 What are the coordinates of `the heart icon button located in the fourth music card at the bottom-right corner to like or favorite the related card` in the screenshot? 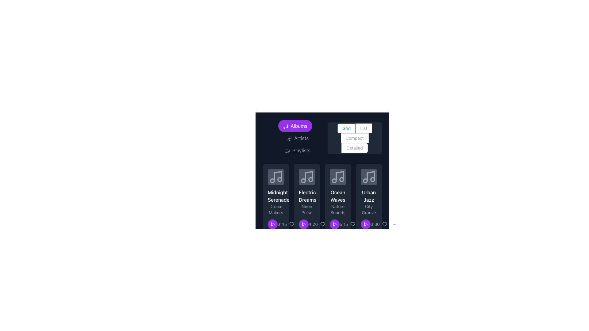 It's located at (353, 224).